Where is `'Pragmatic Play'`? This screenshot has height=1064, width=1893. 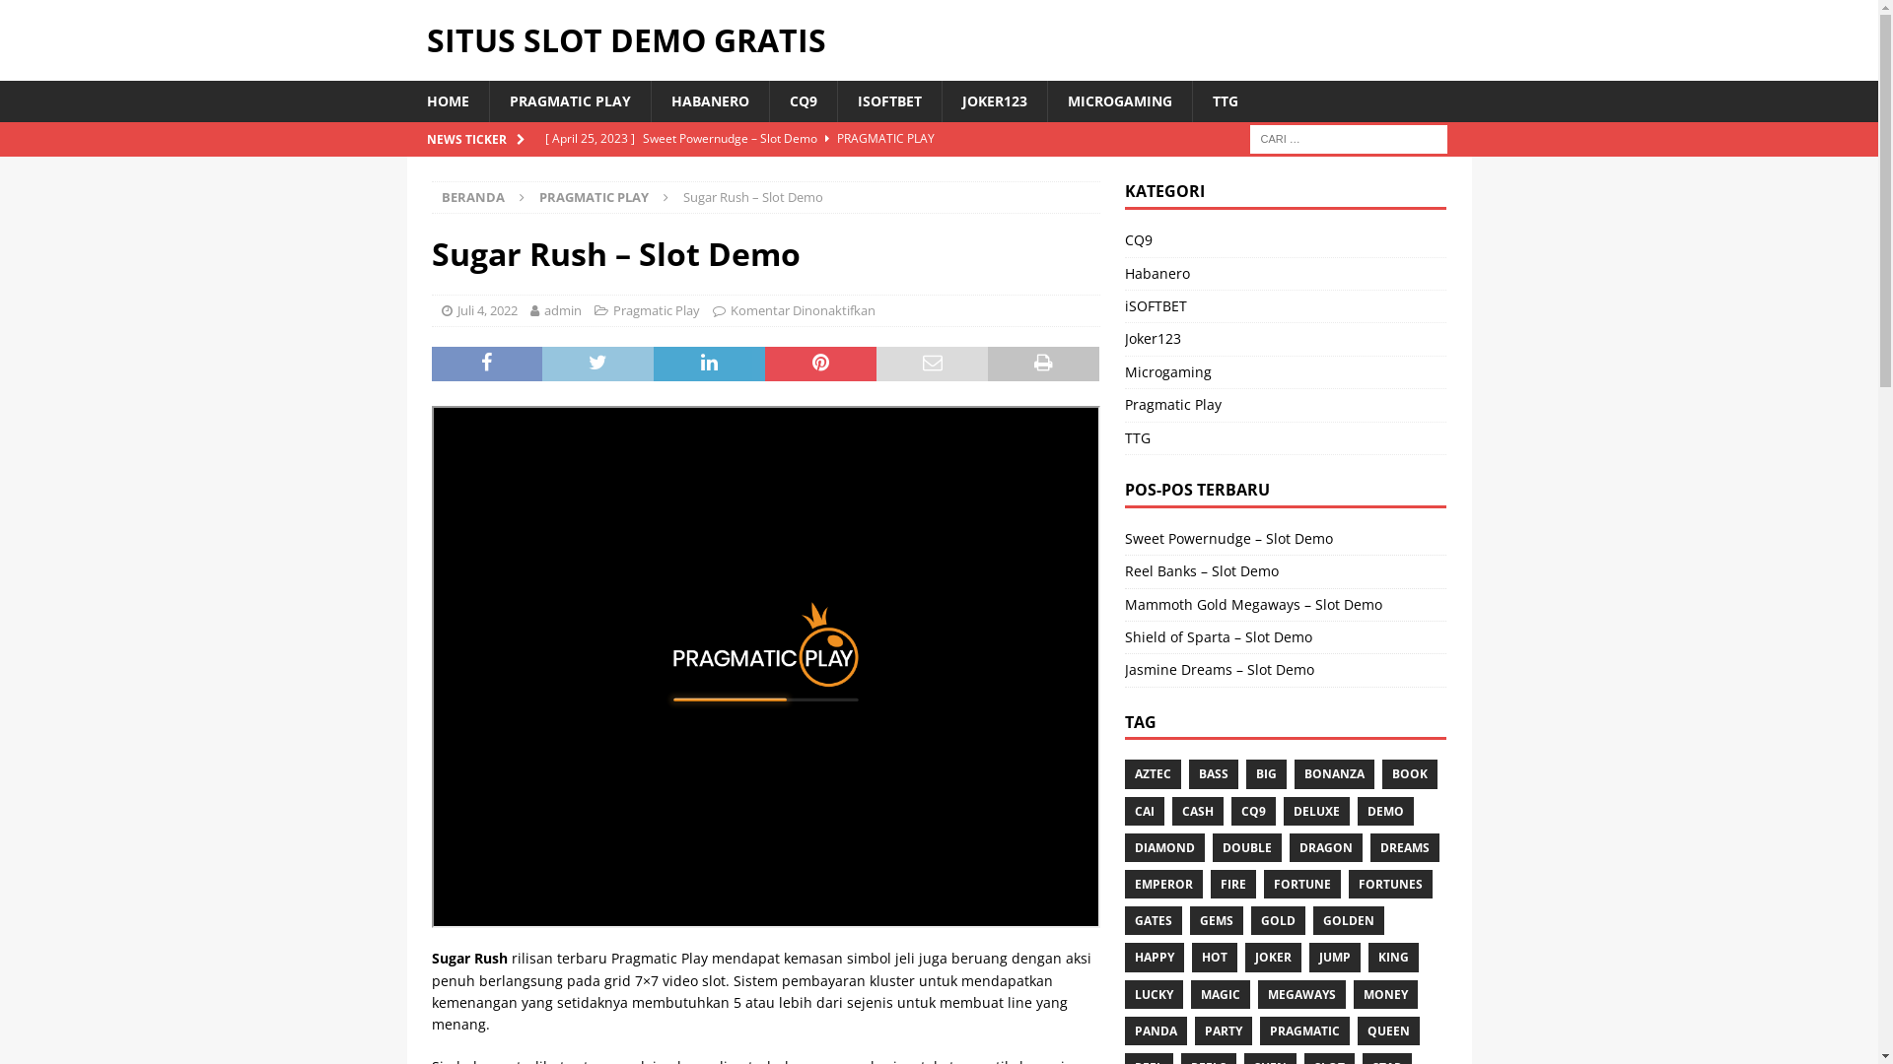 'Pragmatic Play' is located at coordinates (612, 310).